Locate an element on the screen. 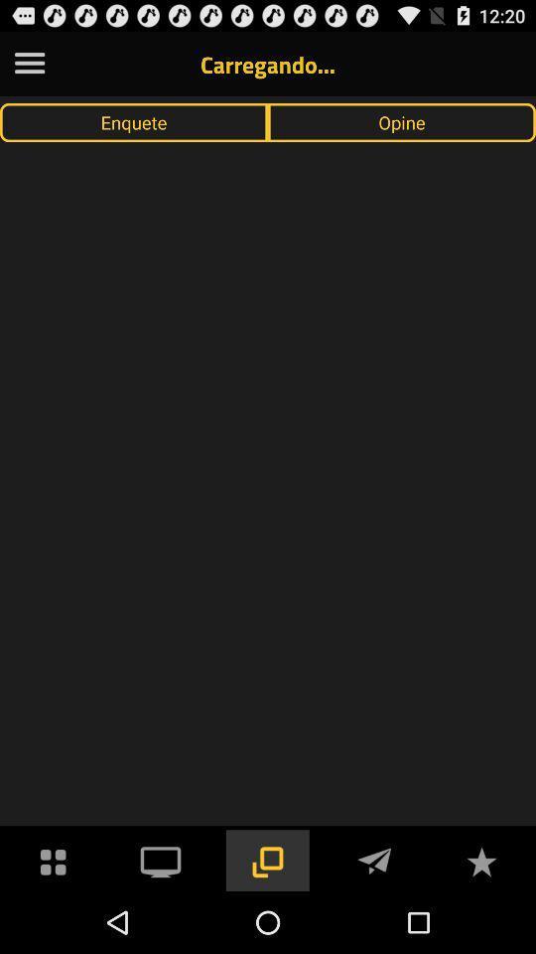  the opine item is located at coordinates (402, 121).